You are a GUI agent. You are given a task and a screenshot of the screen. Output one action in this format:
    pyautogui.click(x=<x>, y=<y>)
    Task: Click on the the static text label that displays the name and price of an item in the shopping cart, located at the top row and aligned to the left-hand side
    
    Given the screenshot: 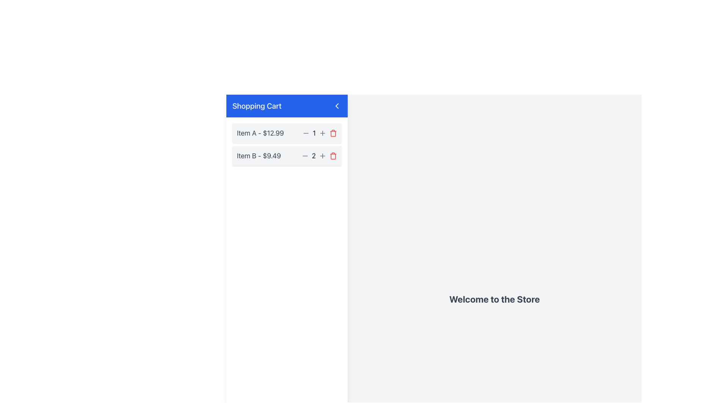 What is the action you would take?
    pyautogui.click(x=260, y=133)
    